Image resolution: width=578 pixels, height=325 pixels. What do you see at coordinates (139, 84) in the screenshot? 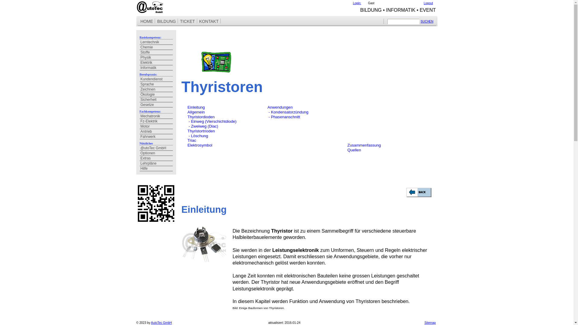
I see `'Sprache'` at bounding box center [139, 84].